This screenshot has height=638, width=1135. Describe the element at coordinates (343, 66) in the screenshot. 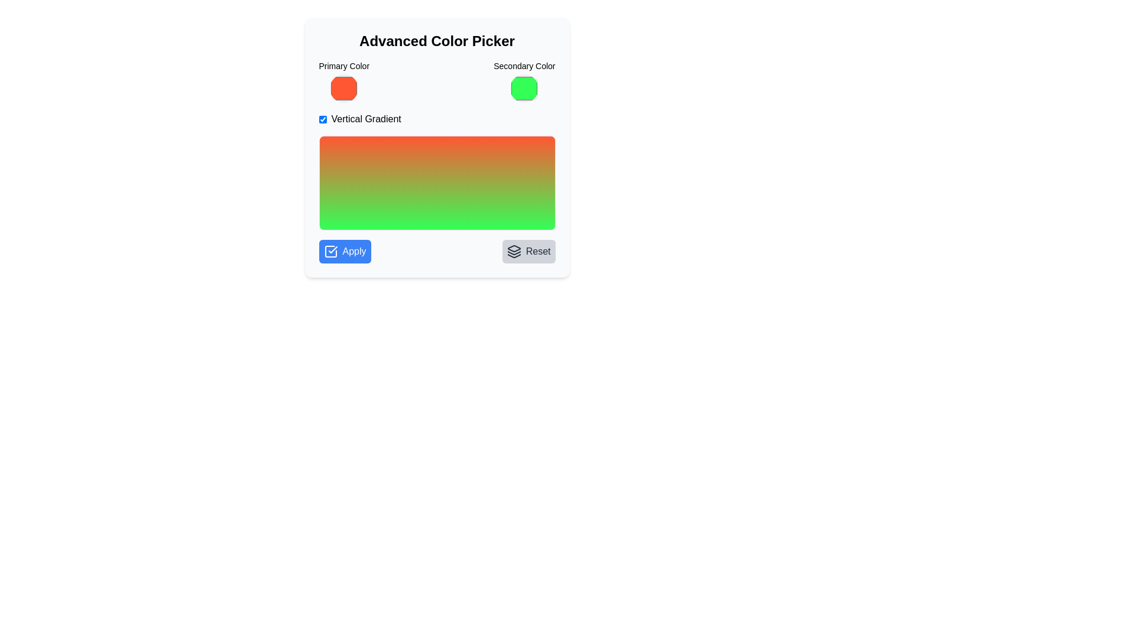

I see `the 'Primary Color' text label element, which is a small, medium-weight font styled in a neutral color, positioned above the circular color selector in the main color picker interface` at that location.